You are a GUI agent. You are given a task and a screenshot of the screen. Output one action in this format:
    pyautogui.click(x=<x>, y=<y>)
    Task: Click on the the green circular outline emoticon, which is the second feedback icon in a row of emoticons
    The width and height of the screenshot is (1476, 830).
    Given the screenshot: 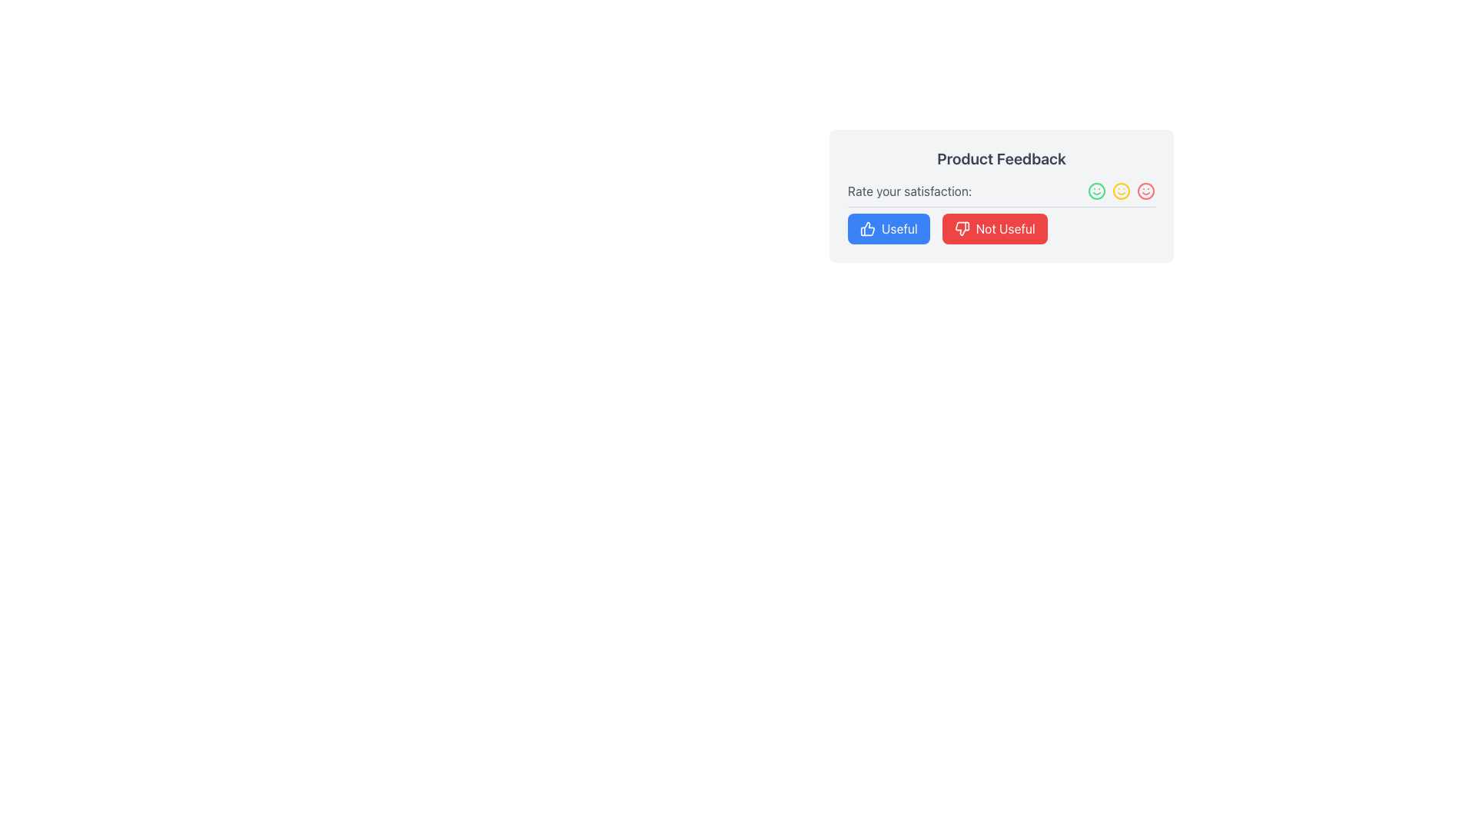 What is the action you would take?
    pyautogui.click(x=1095, y=191)
    